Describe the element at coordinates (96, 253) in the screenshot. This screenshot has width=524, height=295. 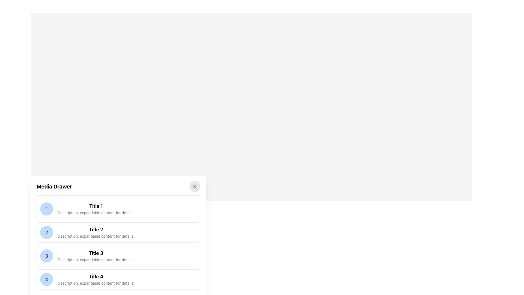
I see `the title text 'Title 3' which is bold and larger, located in the modal 'Media Drawer' above the description of item 3` at that location.